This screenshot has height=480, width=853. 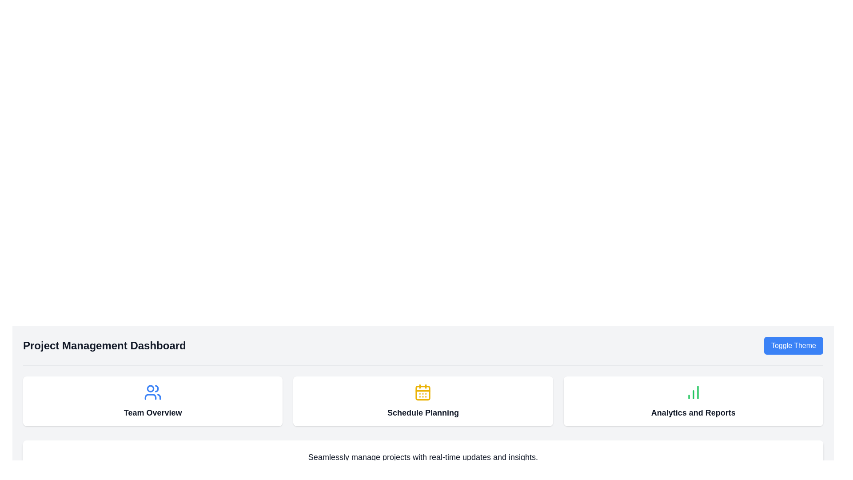 I want to click on static text label displaying 'Analytics and Reports', which is located in the bottom portion of the rightmost card among three horizontal cards, so click(x=693, y=413).